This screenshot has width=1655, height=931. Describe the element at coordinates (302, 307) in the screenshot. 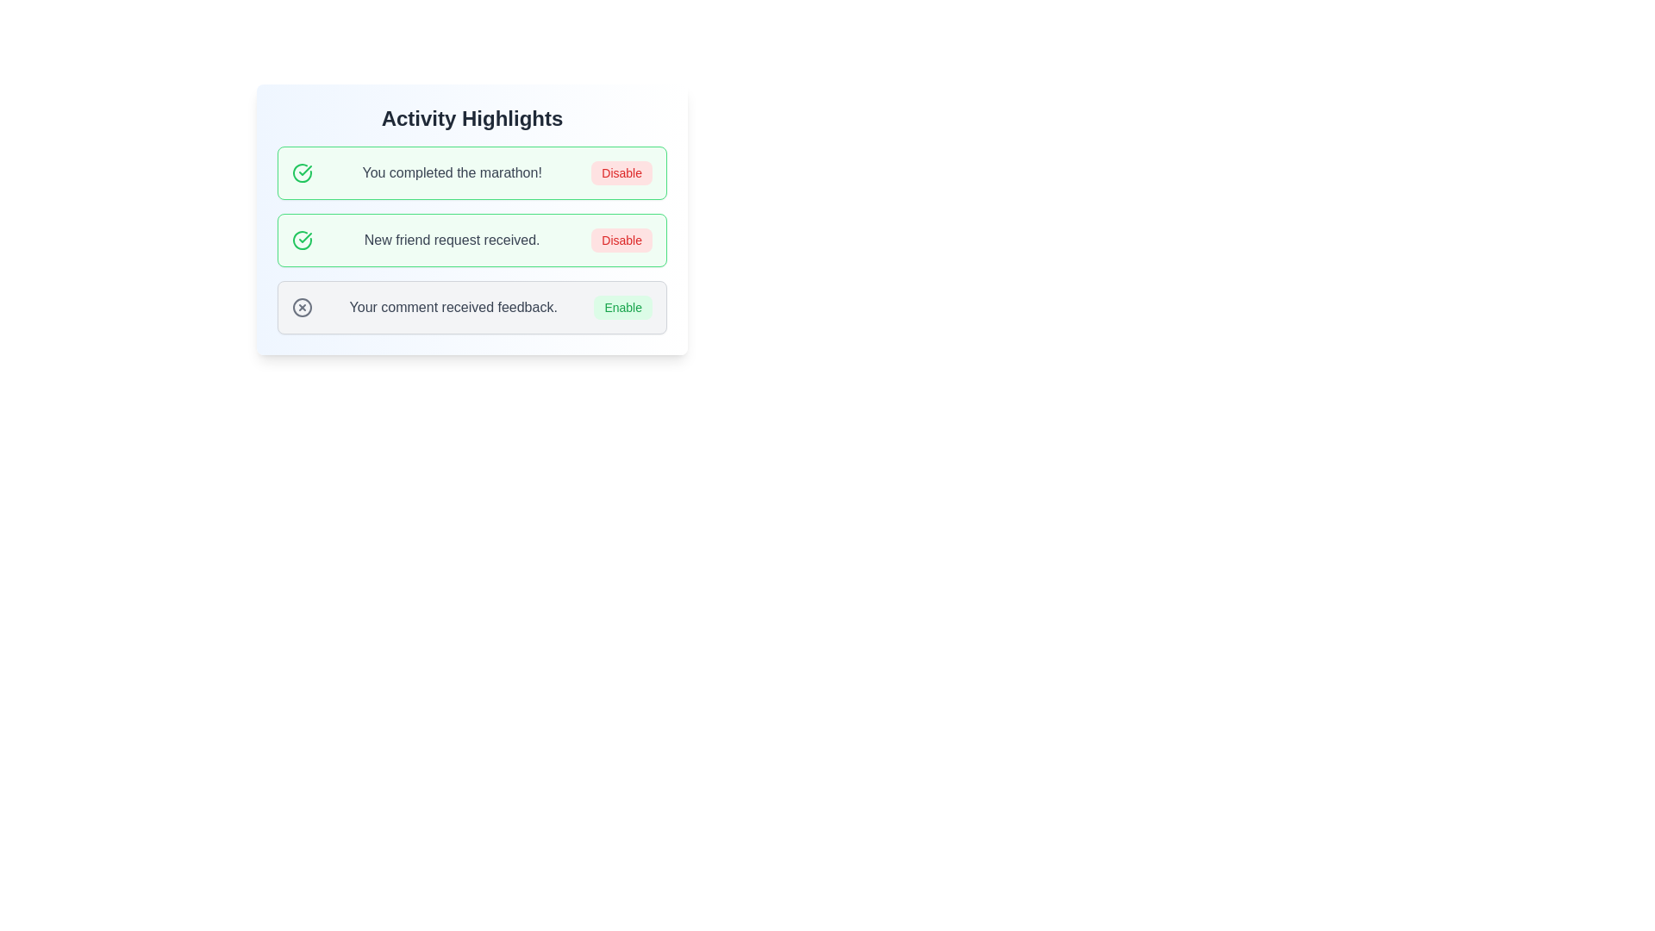

I see `the visual indicator icon located at the top-left corner of the feedback message panel that indicates an error, warning, or status` at that location.